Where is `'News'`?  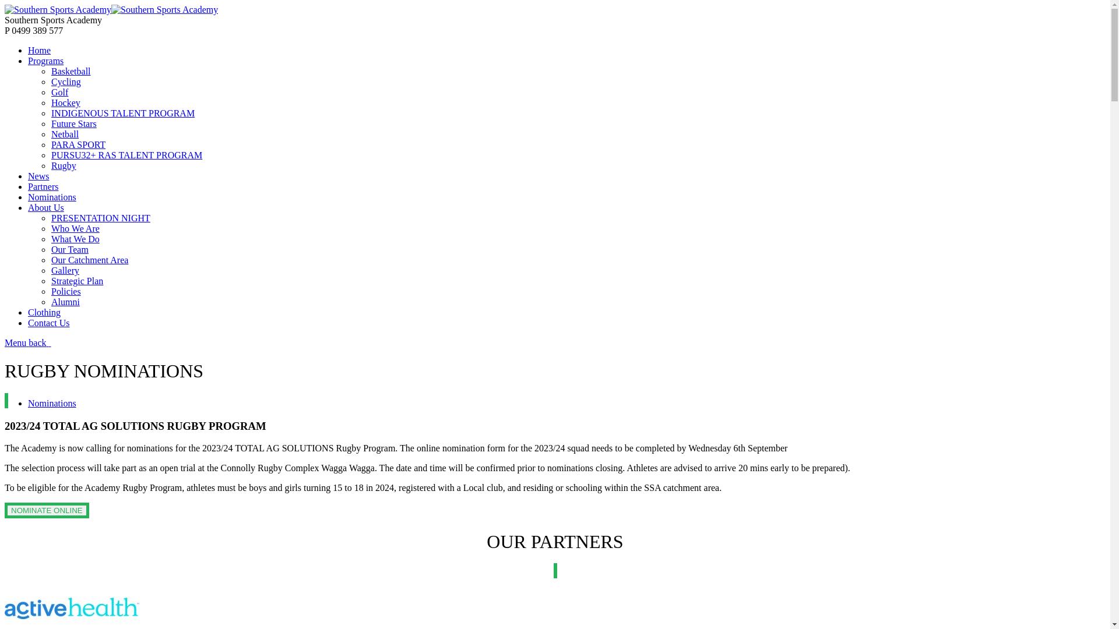
'News' is located at coordinates (38, 176).